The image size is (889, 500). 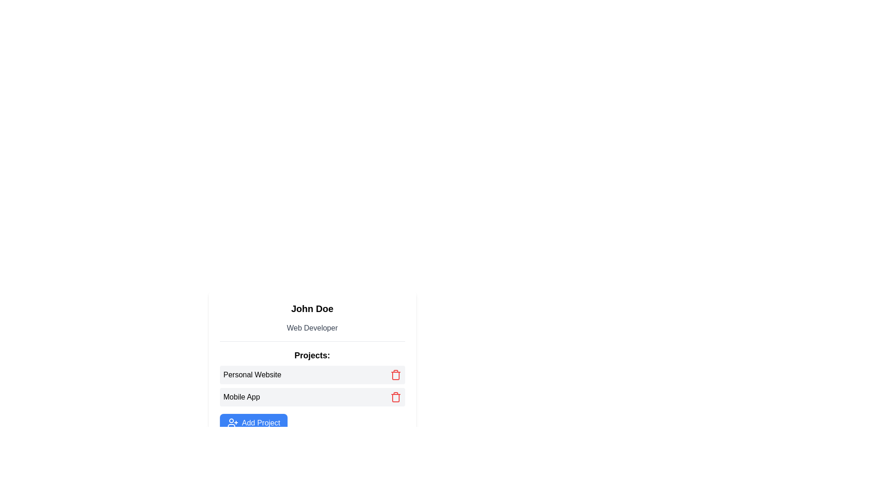 What do you see at coordinates (312, 328) in the screenshot?
I see `the static text label that serves as a descriptor for 'John Doe', positioned directly below it` at bounding box center [312, 328].